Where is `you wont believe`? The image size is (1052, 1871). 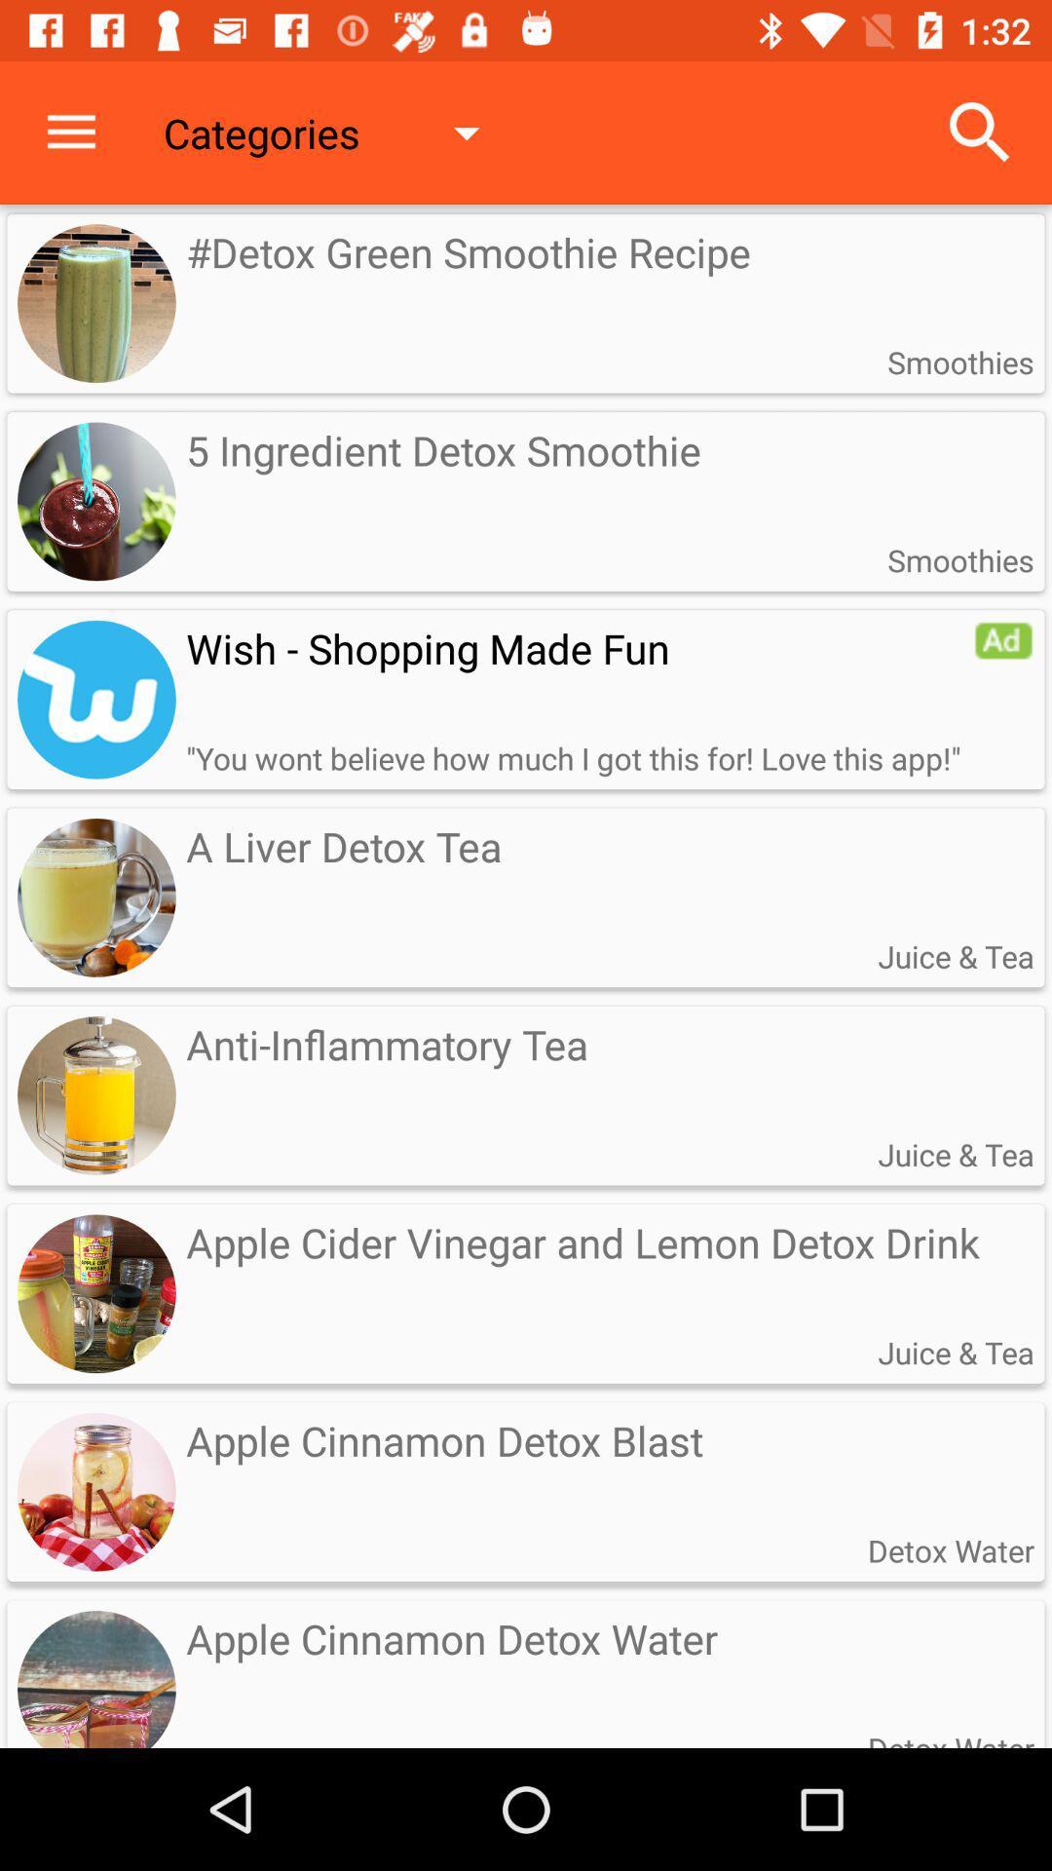
you wont believe is located at coordinates (572, 757).